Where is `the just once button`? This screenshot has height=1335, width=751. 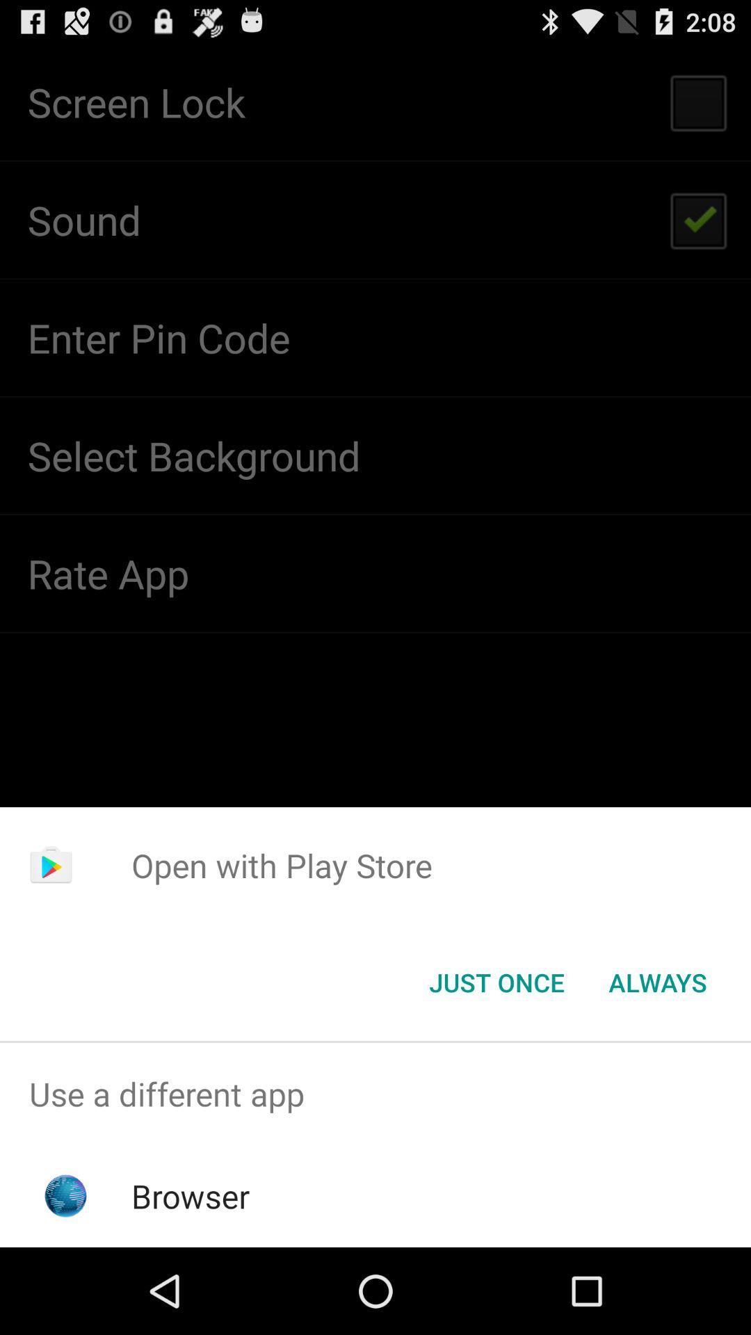
the just once button is located at coordinates (496, 981).